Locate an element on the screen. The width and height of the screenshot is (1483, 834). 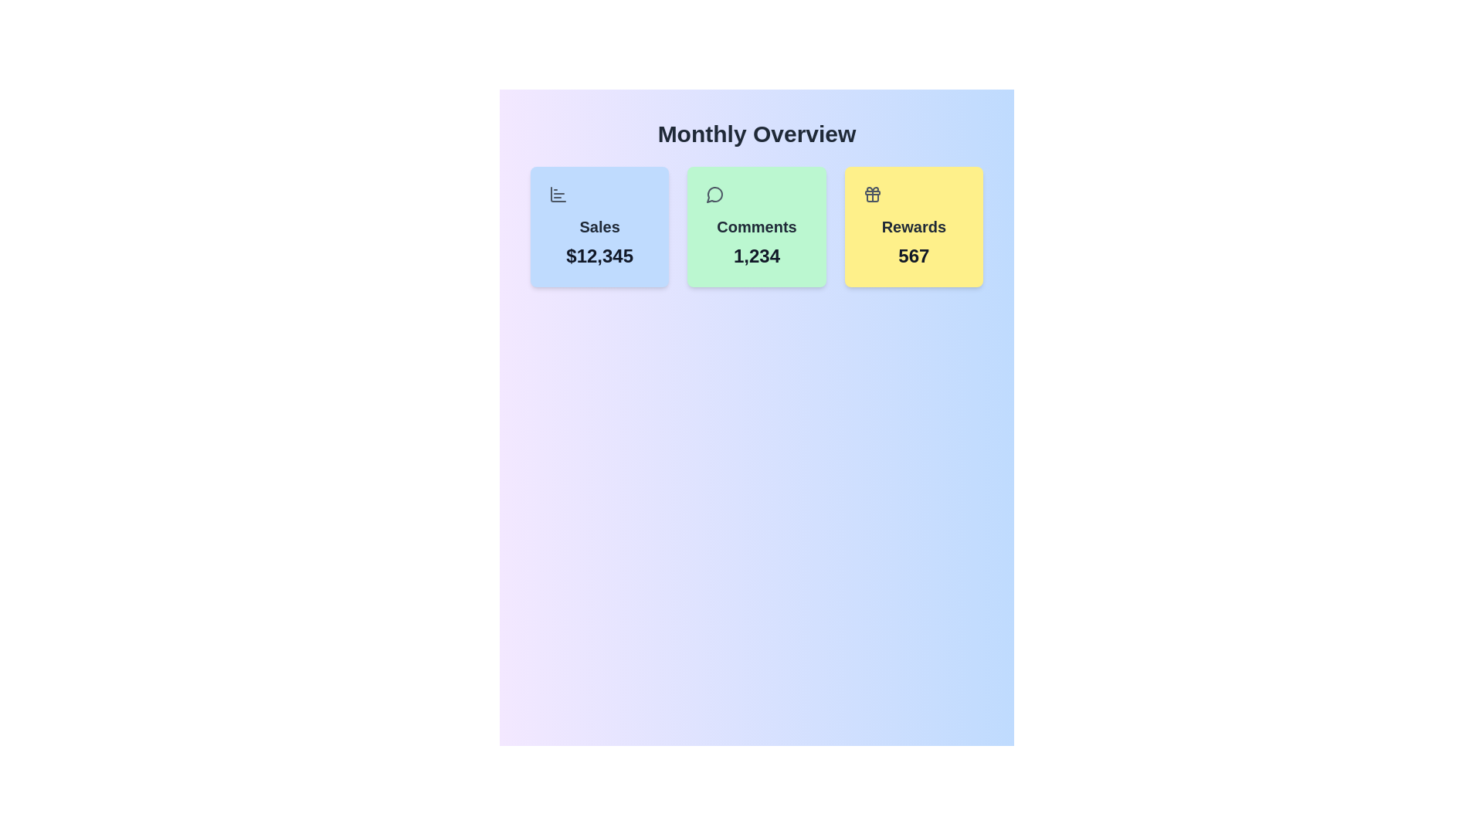
displayed values from the textual display group showing 'Sales' and '$12,345', which is positioned in the leftmost box of the three-box layout below the 'Monthly Overview' header is located at coordinates (599, 226).